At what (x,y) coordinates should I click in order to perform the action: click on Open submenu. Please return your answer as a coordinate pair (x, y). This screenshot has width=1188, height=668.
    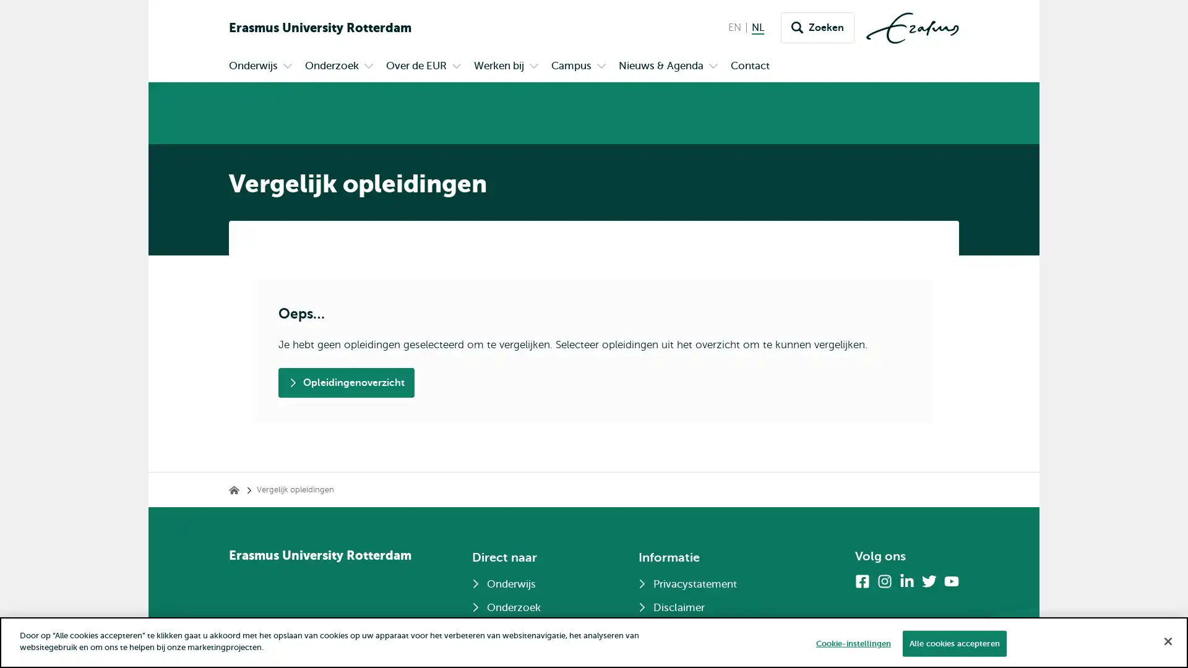
    Looking at the image, I should click on (456, 67).